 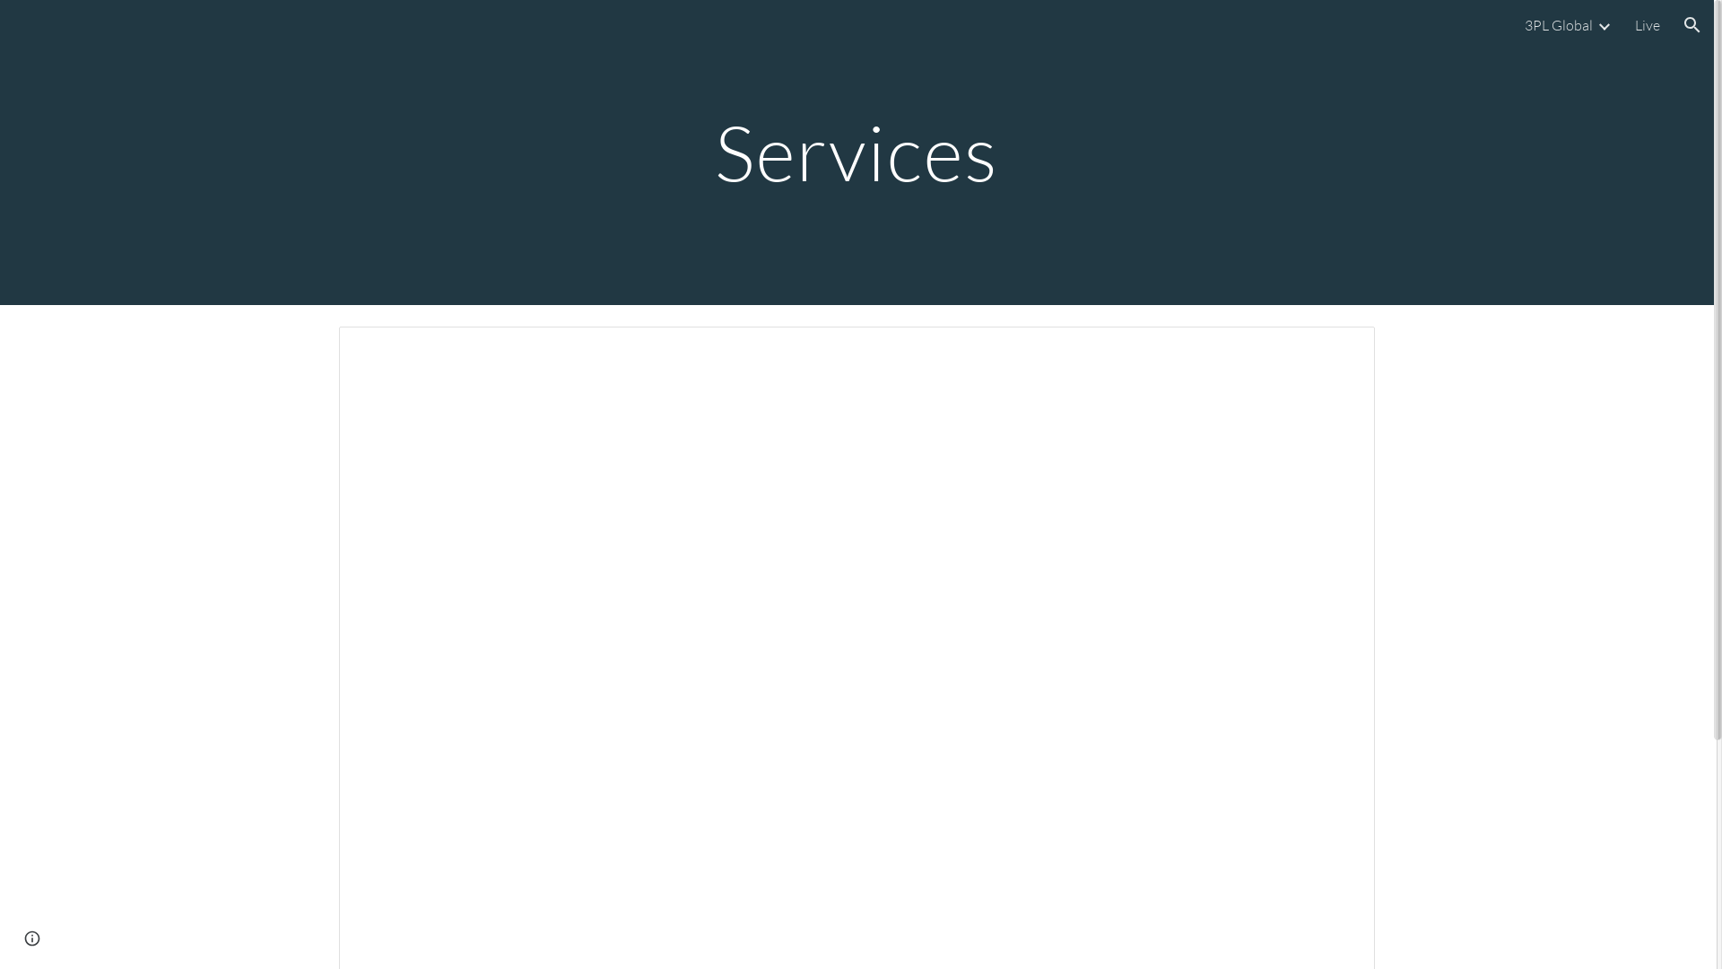 I want to click on '3PL Global', so click(x=1557, y=24).